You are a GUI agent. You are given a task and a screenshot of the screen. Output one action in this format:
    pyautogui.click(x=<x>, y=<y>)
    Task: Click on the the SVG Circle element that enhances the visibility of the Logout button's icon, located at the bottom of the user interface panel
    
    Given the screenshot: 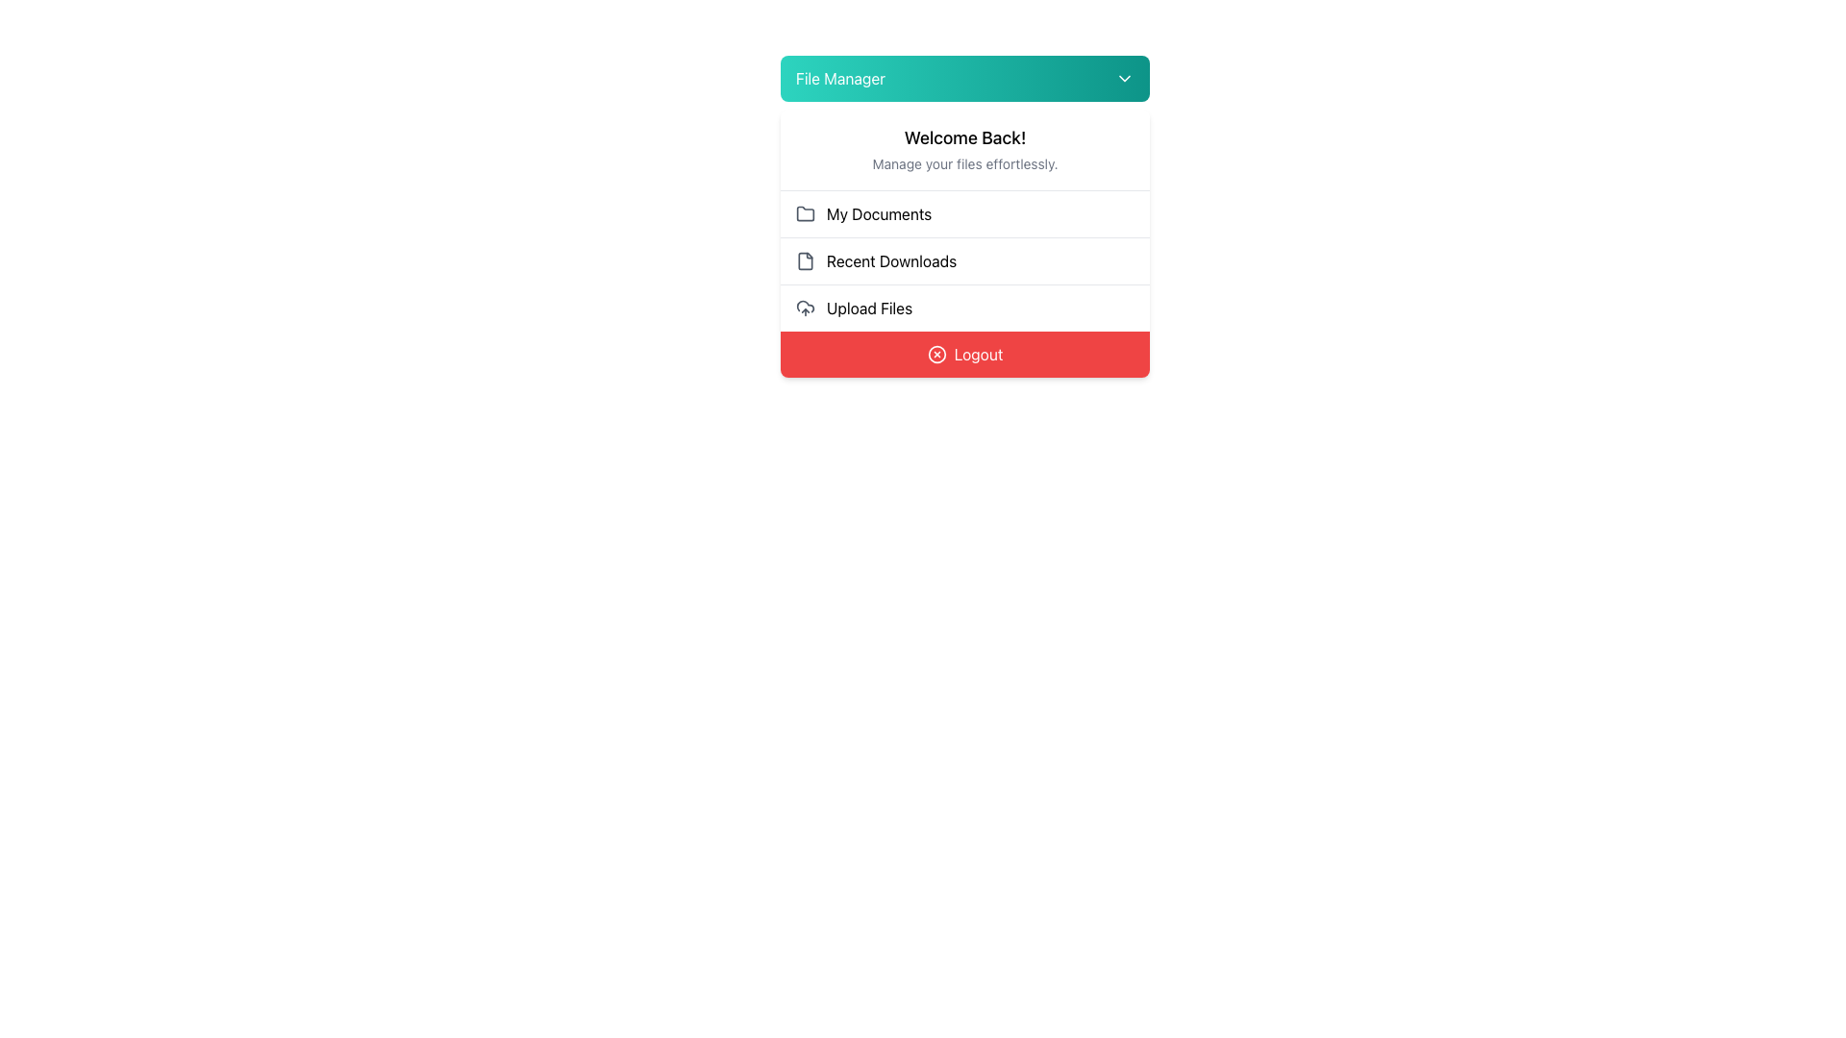 What is the action you would take?
    pyautogui.click(x=936, y=355)
    